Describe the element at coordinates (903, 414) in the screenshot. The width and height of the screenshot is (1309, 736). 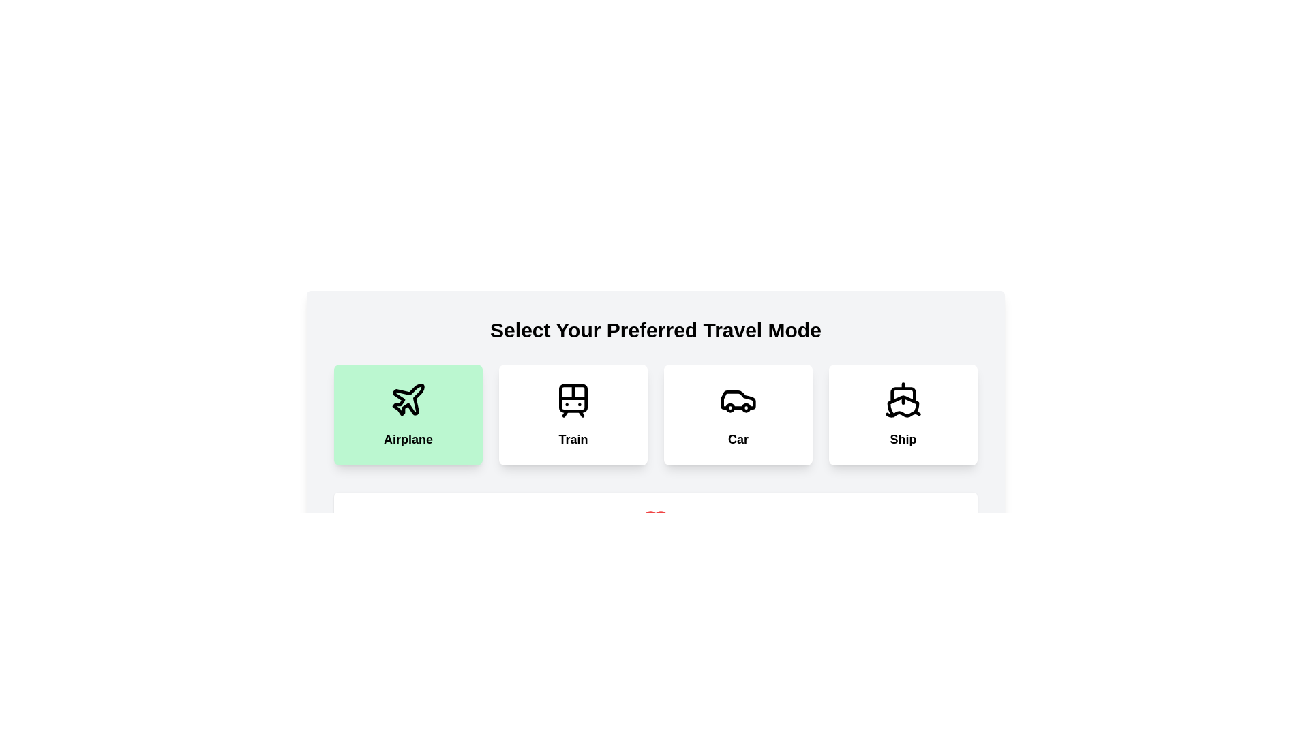
I see `the 'Ship' button, which has a white background, rounded corners, and a minimalist ship icon with the label 'Ship' below it` at that location.